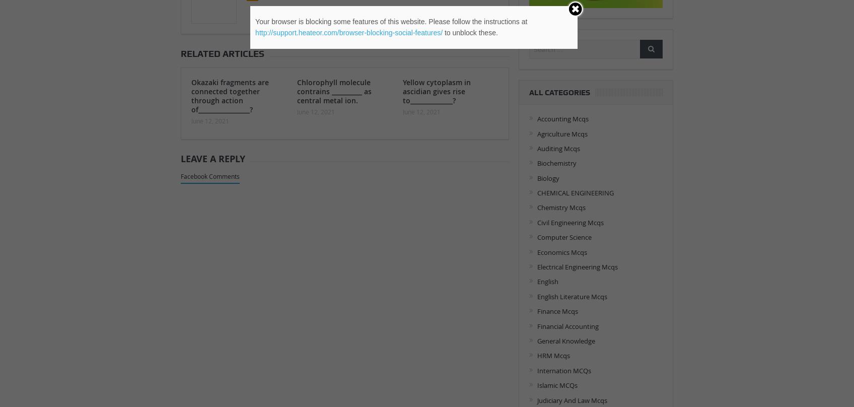  I want to click on 'Islamic MCQs', so click(556, 385).